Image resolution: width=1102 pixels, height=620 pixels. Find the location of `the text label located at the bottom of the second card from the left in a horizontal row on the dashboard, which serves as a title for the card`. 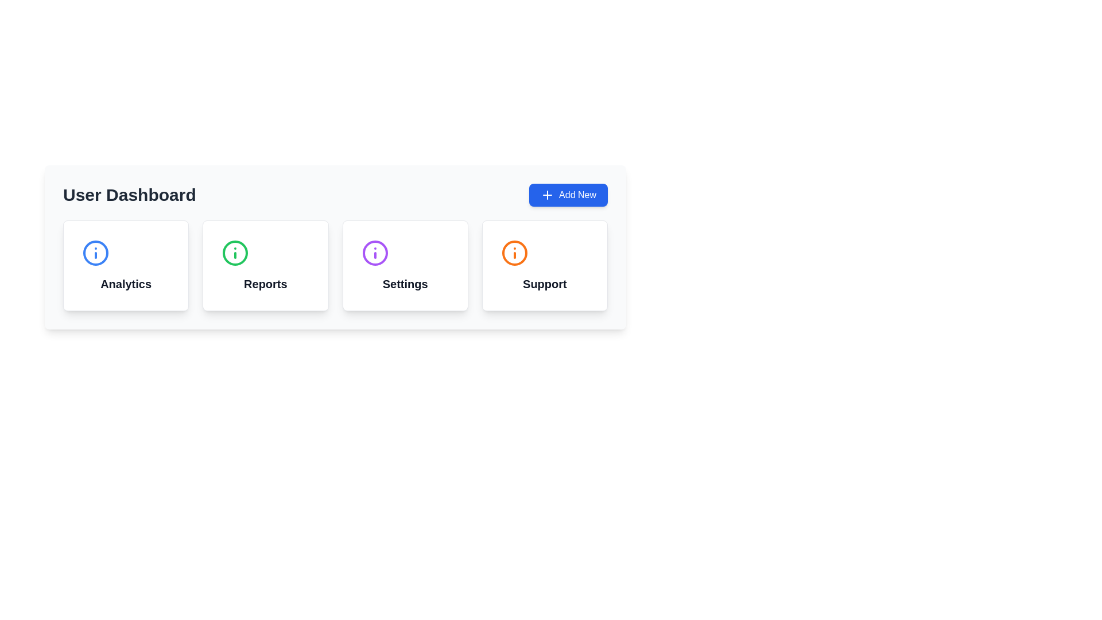

the text label located at the bottom of the second card from the left in a horizontal row on the dashboard, which serves as a title for the card is located at coordinates (265, 284).